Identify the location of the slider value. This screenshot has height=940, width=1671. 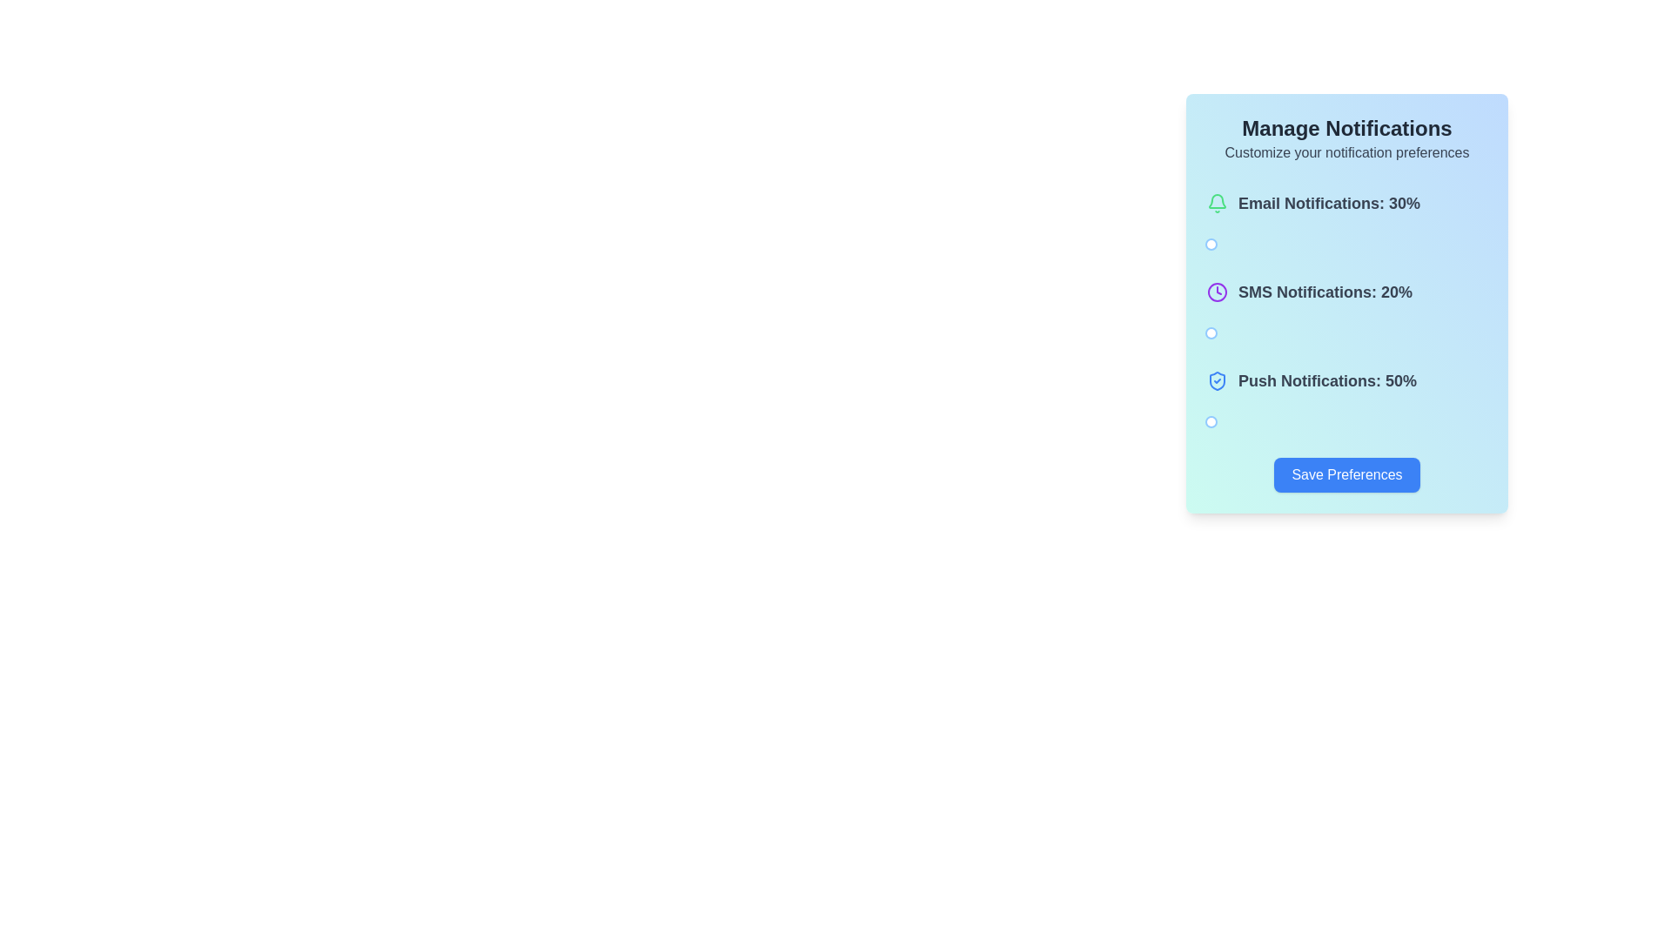
(1213, 332).